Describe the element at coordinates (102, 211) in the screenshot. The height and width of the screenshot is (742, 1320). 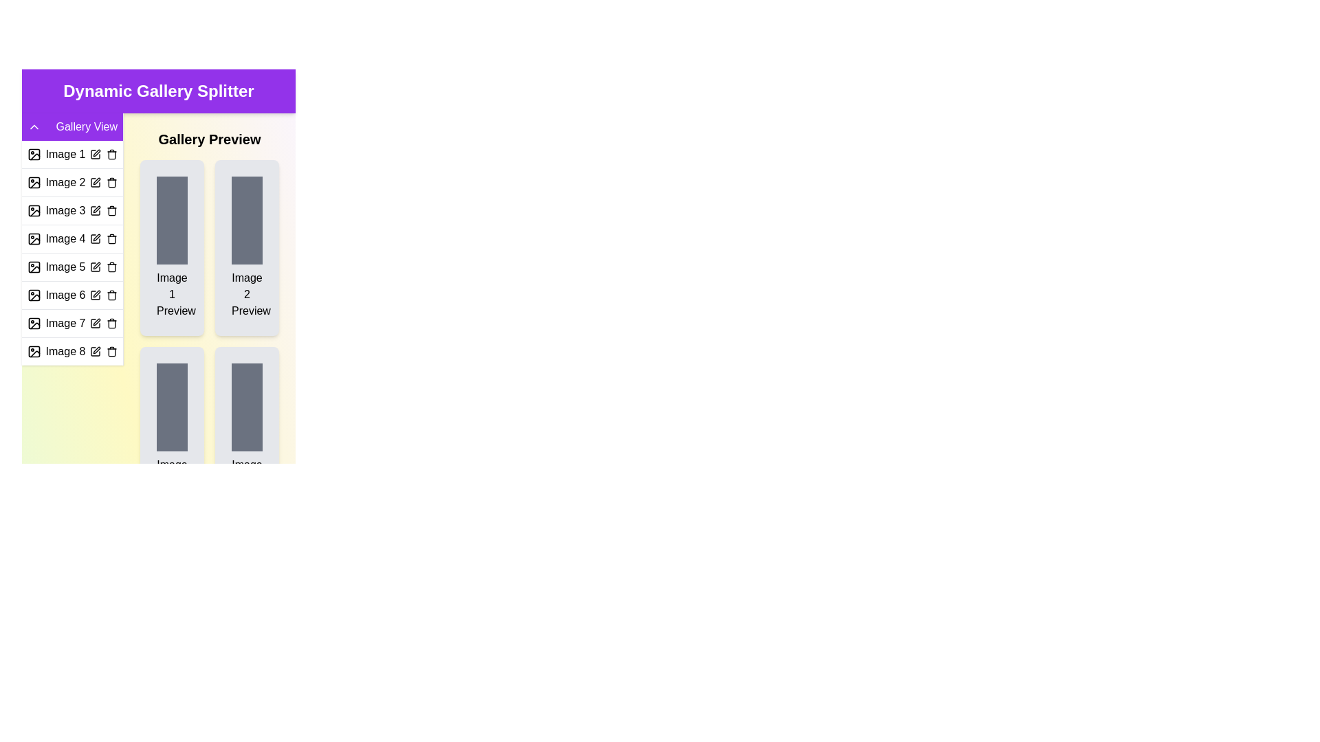
I see `the pencil icon in the interactive icon buttons group located next to the 'Image 3' label in the 'Gallery View' section` at that location.